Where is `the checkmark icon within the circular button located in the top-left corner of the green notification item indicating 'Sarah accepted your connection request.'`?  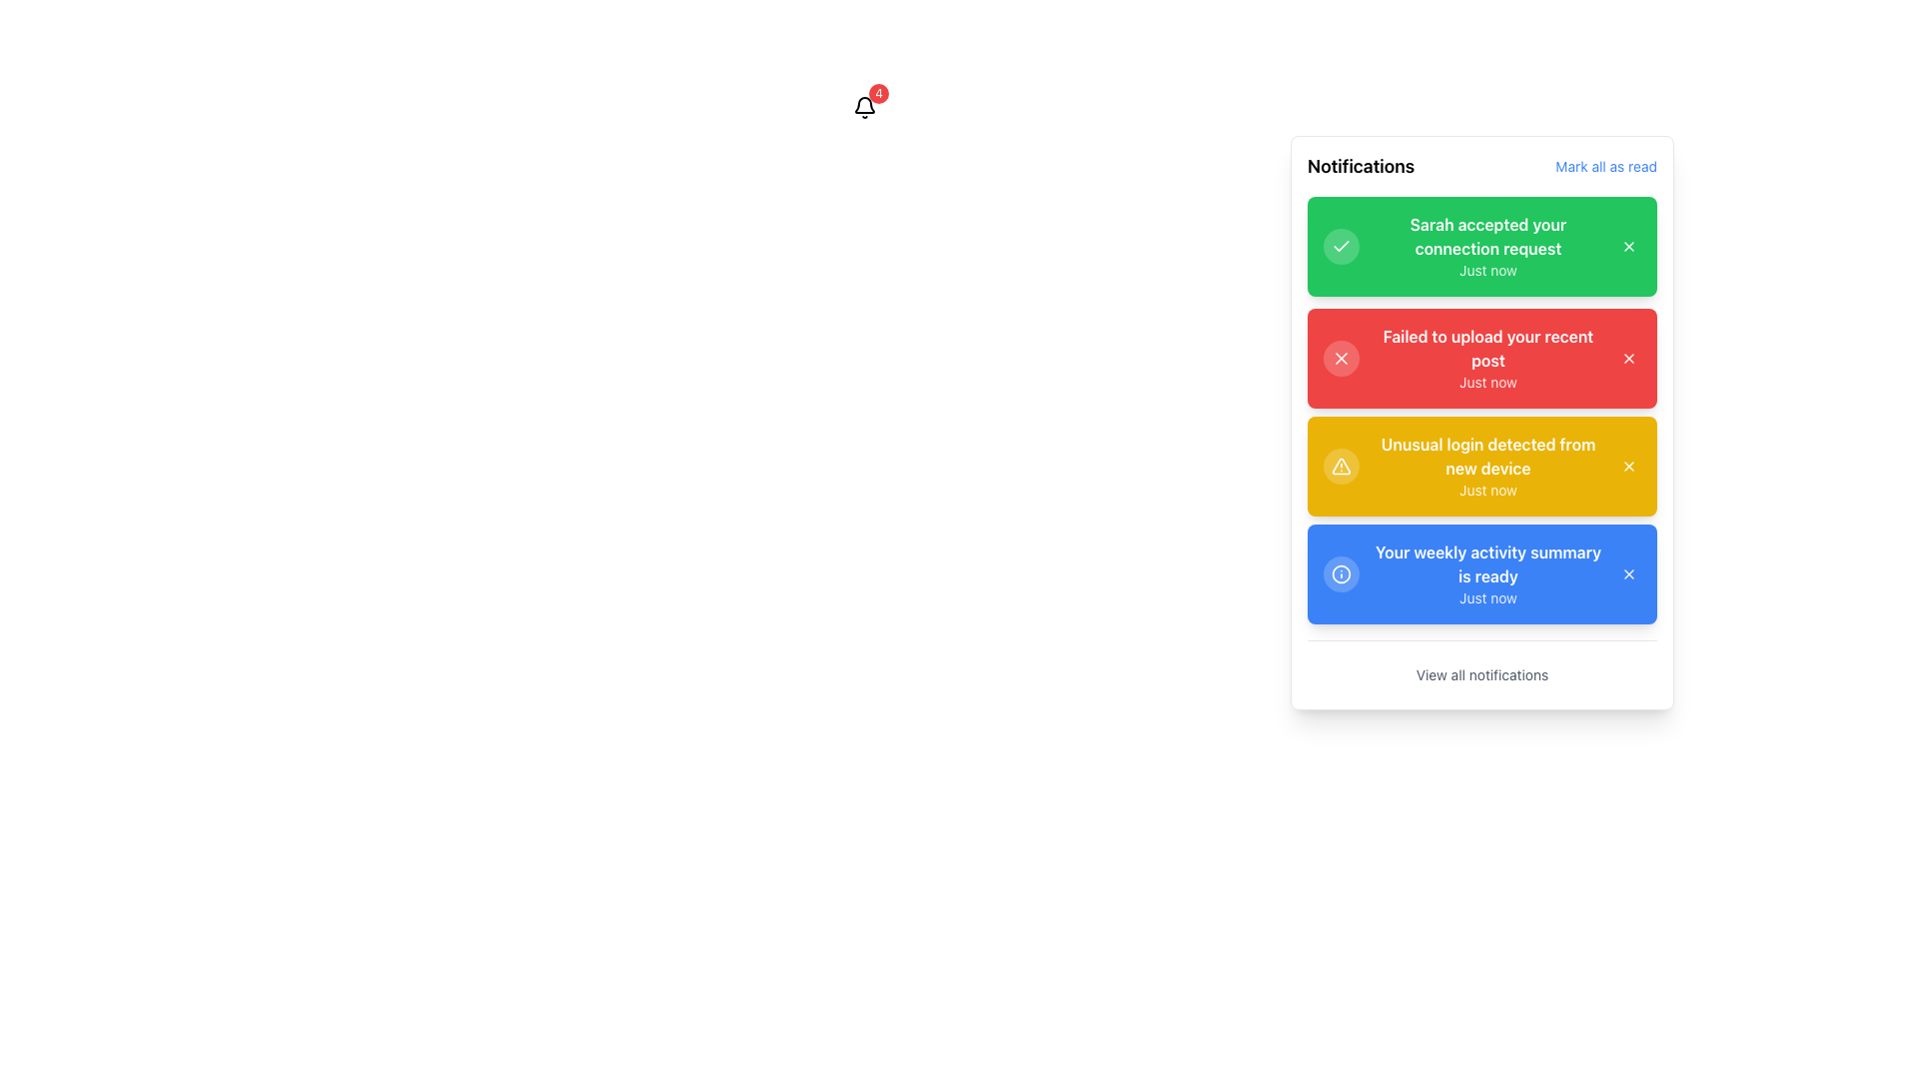 the checkmark icon within the circular button located in the top-left corner of the green notification item indicating 'Sarah accepted your connection request.' is located at coordinates (1342, 245).